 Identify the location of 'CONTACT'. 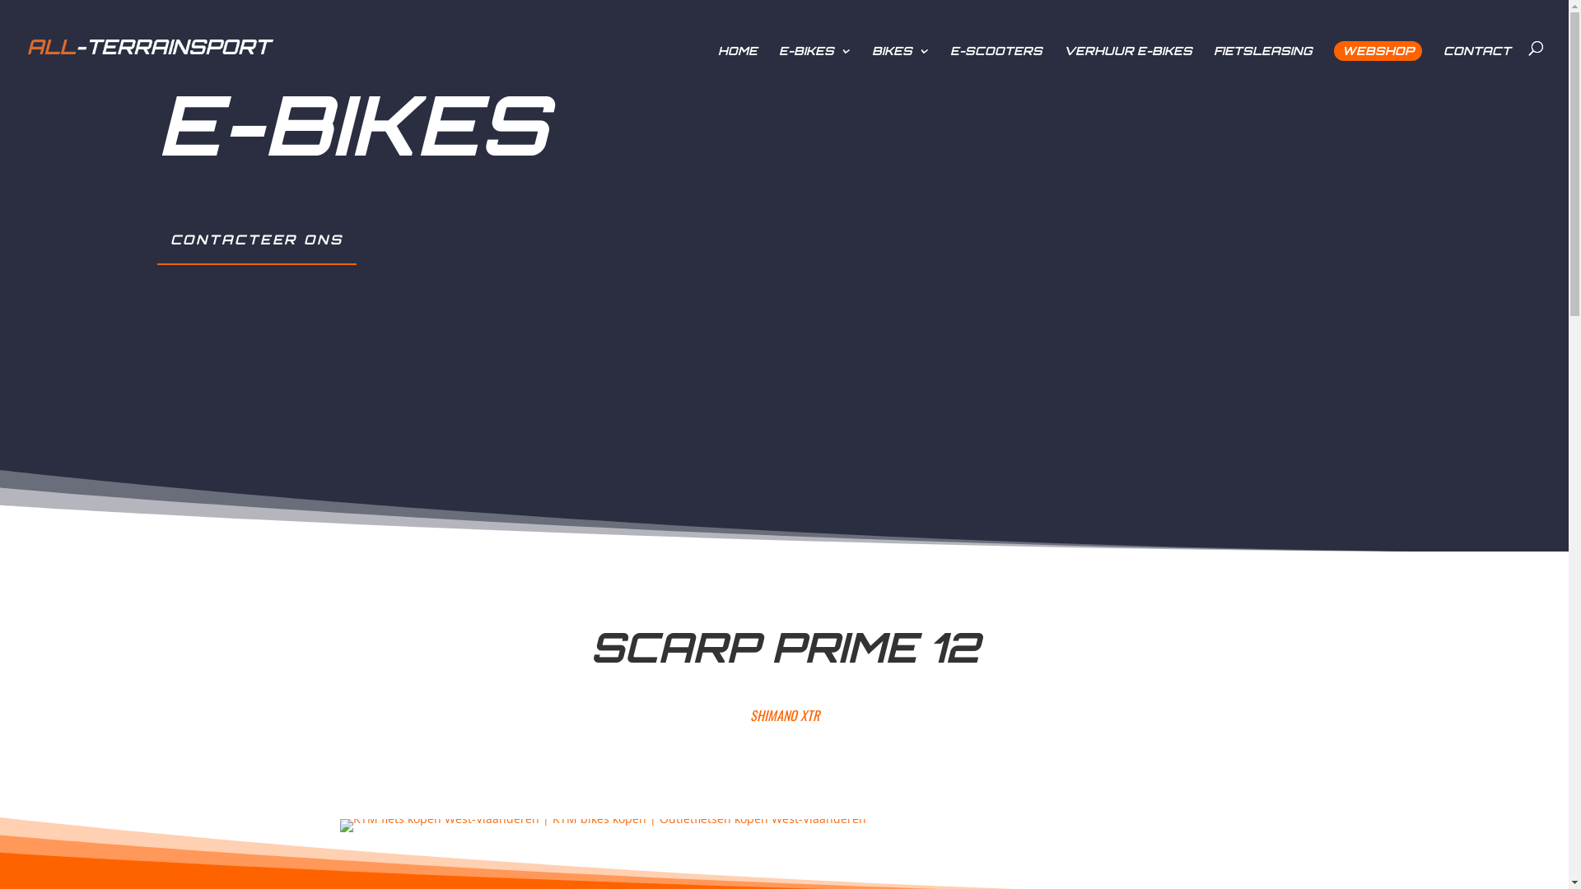
(1477, 58).